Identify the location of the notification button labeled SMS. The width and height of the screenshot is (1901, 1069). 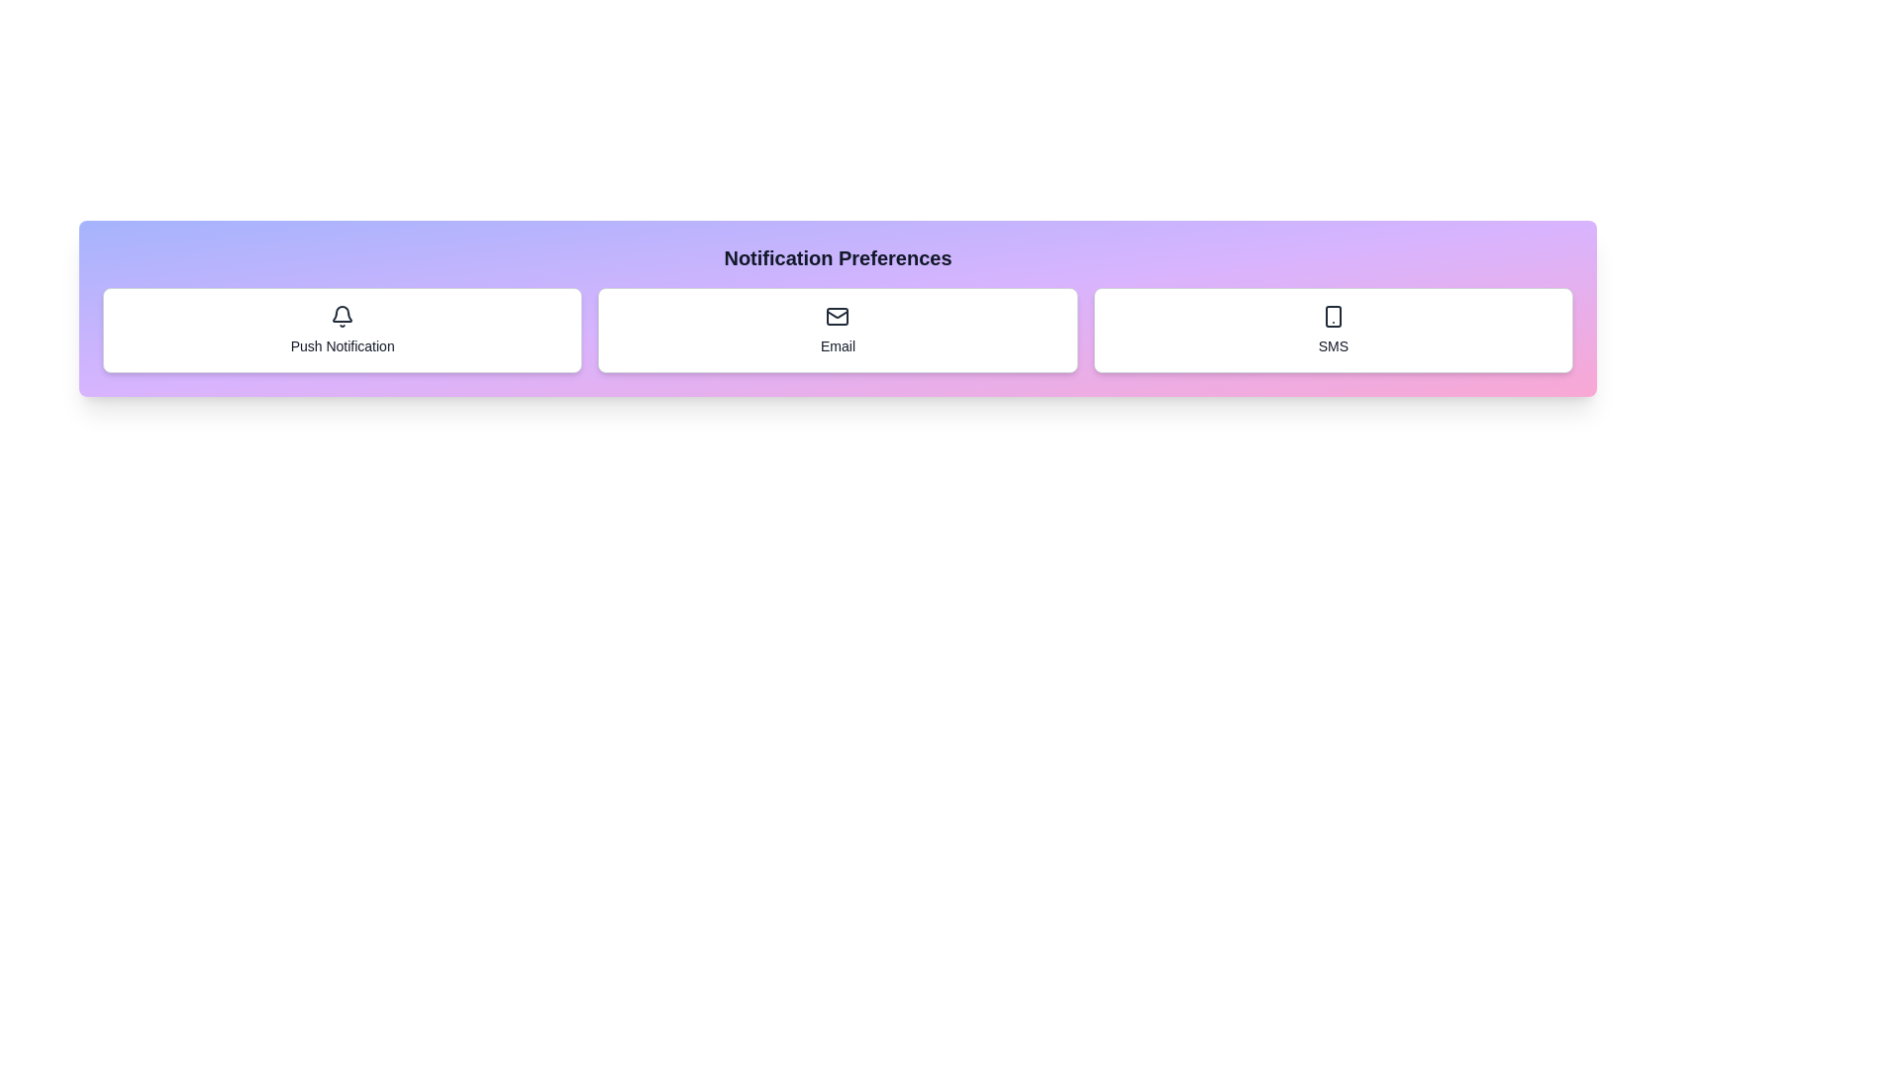
(1332, 330).